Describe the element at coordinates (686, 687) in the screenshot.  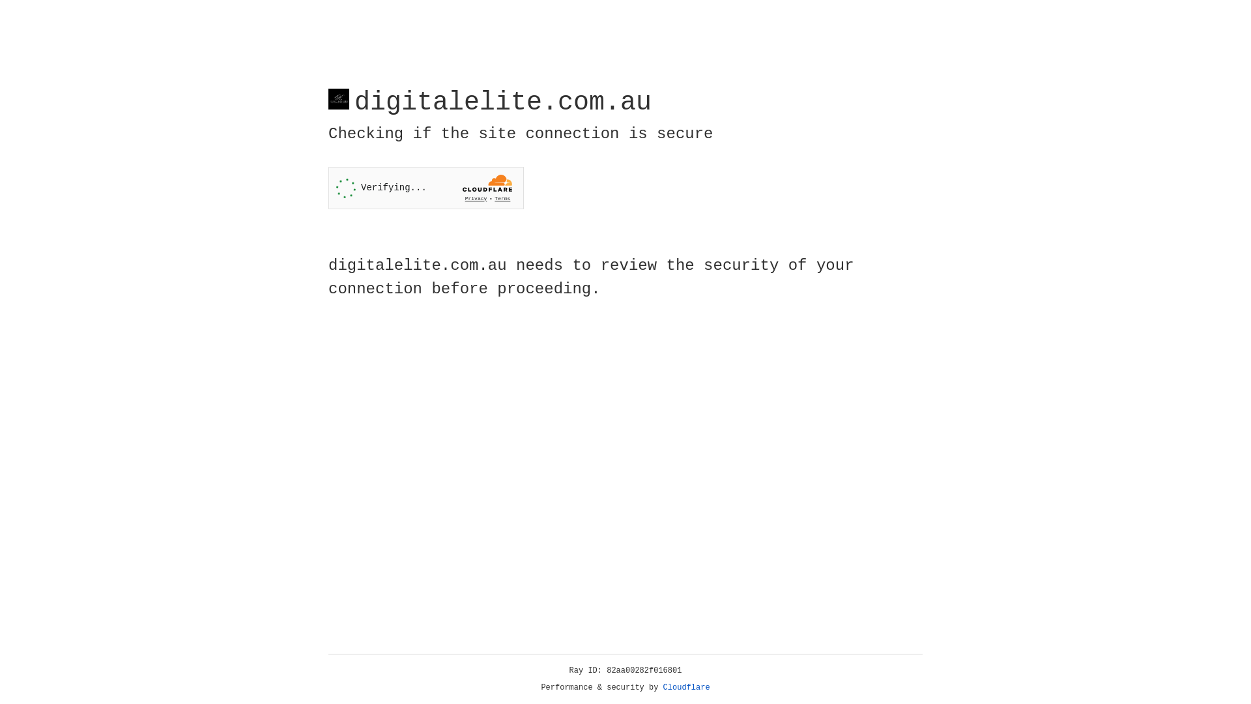
I see `'Cloudflare'` at that location.